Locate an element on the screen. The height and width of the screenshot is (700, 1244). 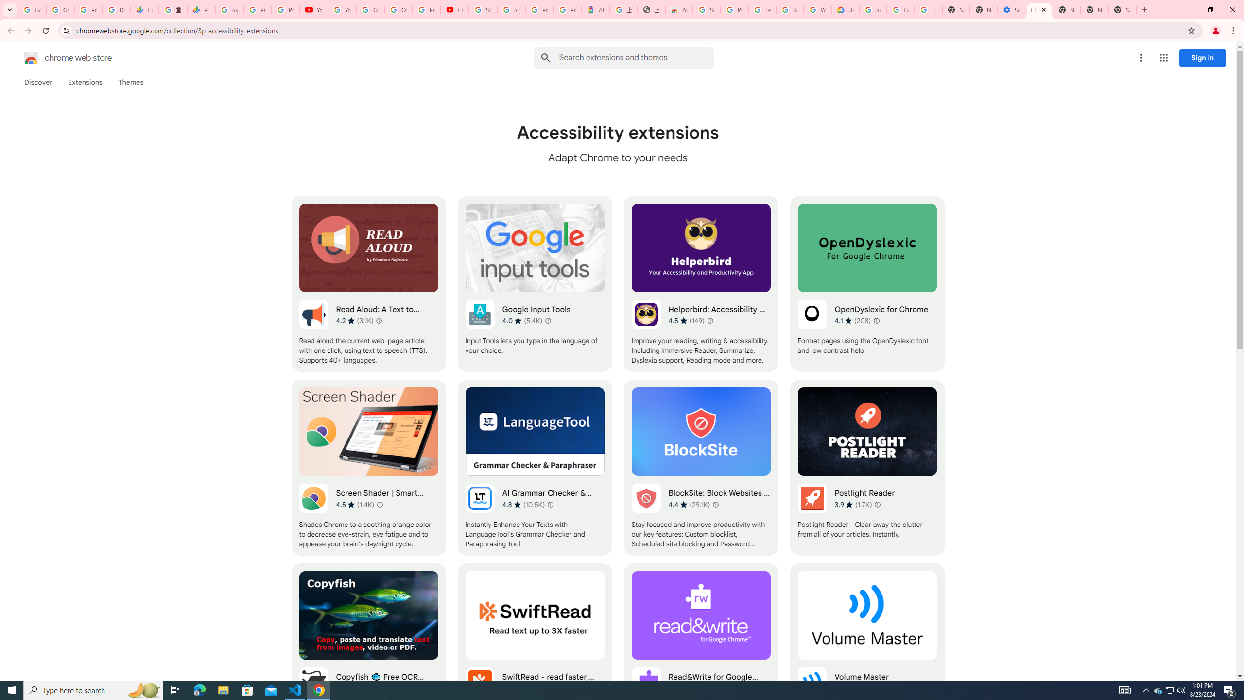
'Screen Shader | Smart Screen Tinting' is located at coordinates (368, 467).